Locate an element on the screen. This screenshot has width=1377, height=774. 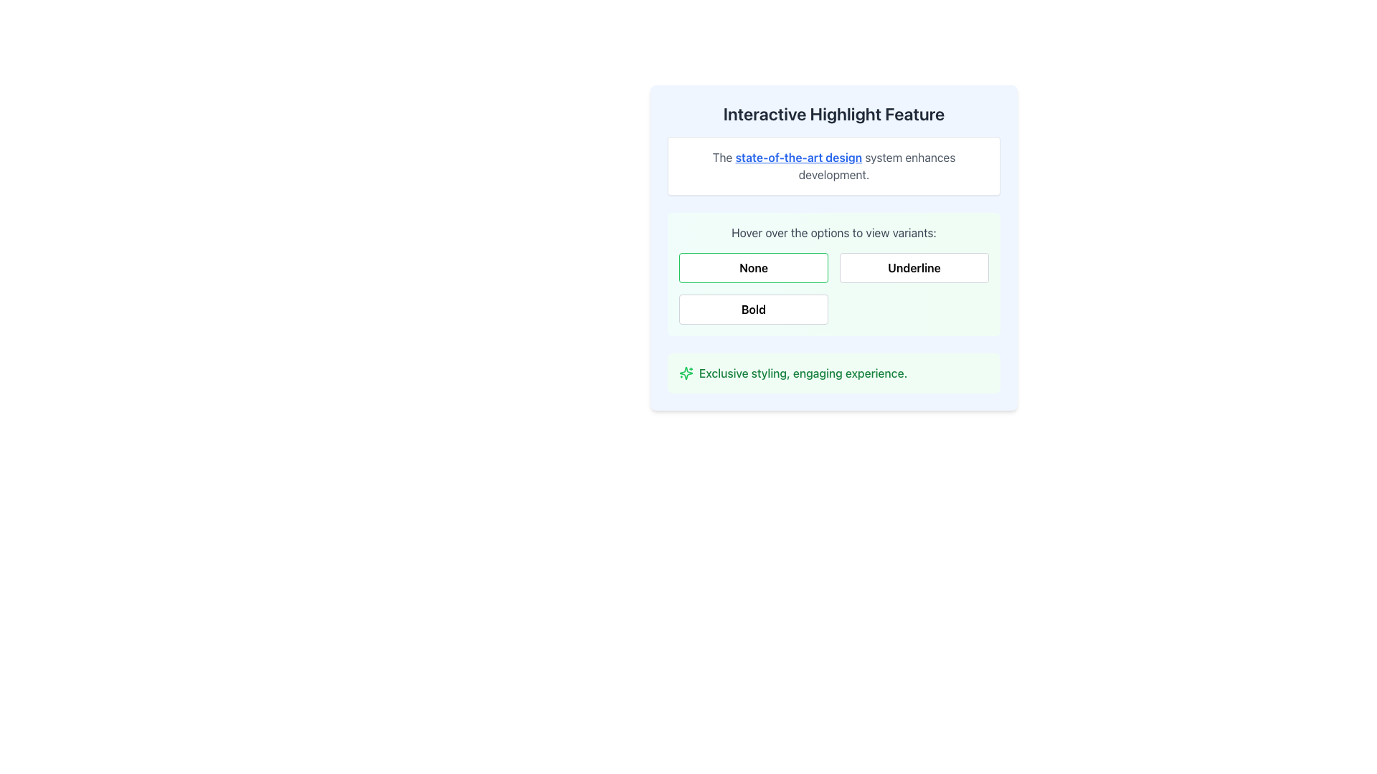
the 'None' button in the grid layout is located at coordinates (833, 288).